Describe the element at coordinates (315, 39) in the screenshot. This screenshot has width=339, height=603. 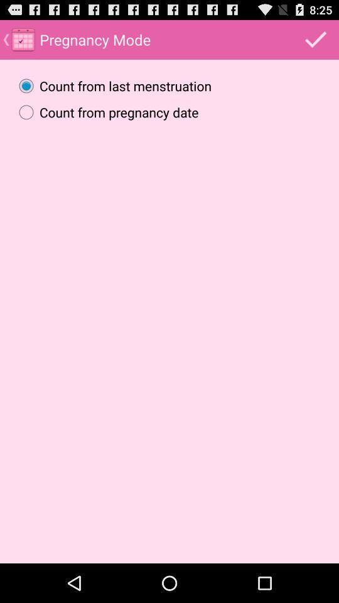
I see `the option` at that location.